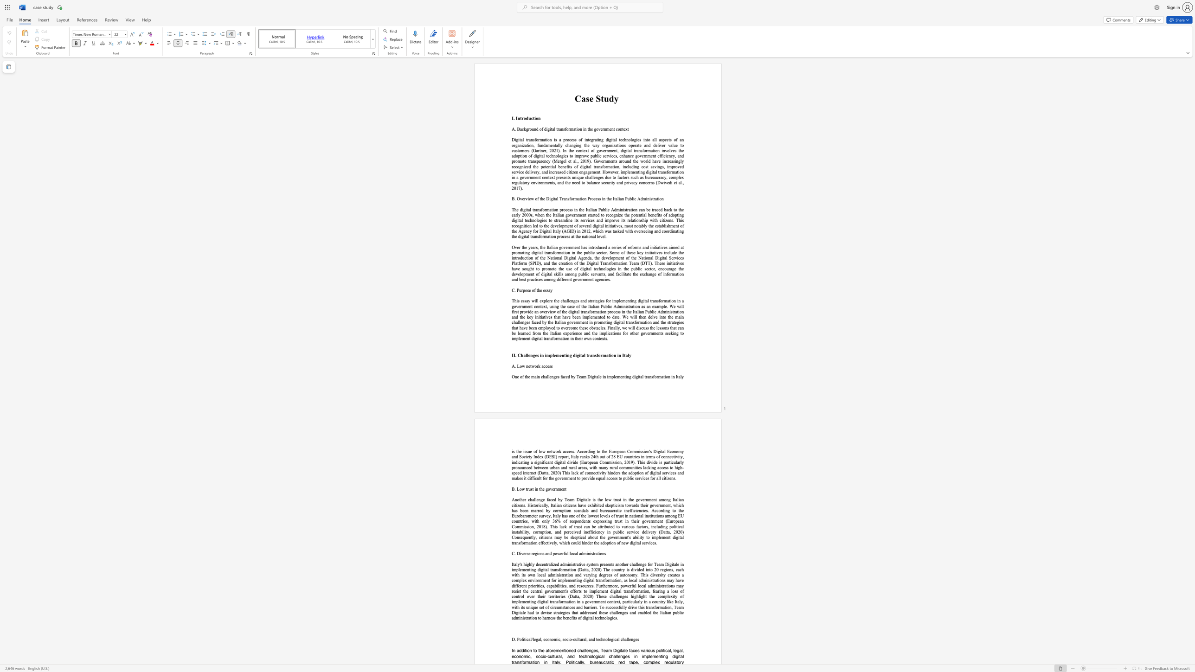  Describe the element at coordinates (527, 365) in the screenshot. I see `the subset text "etwork acces" within the text "A. Low network access"` at that location.